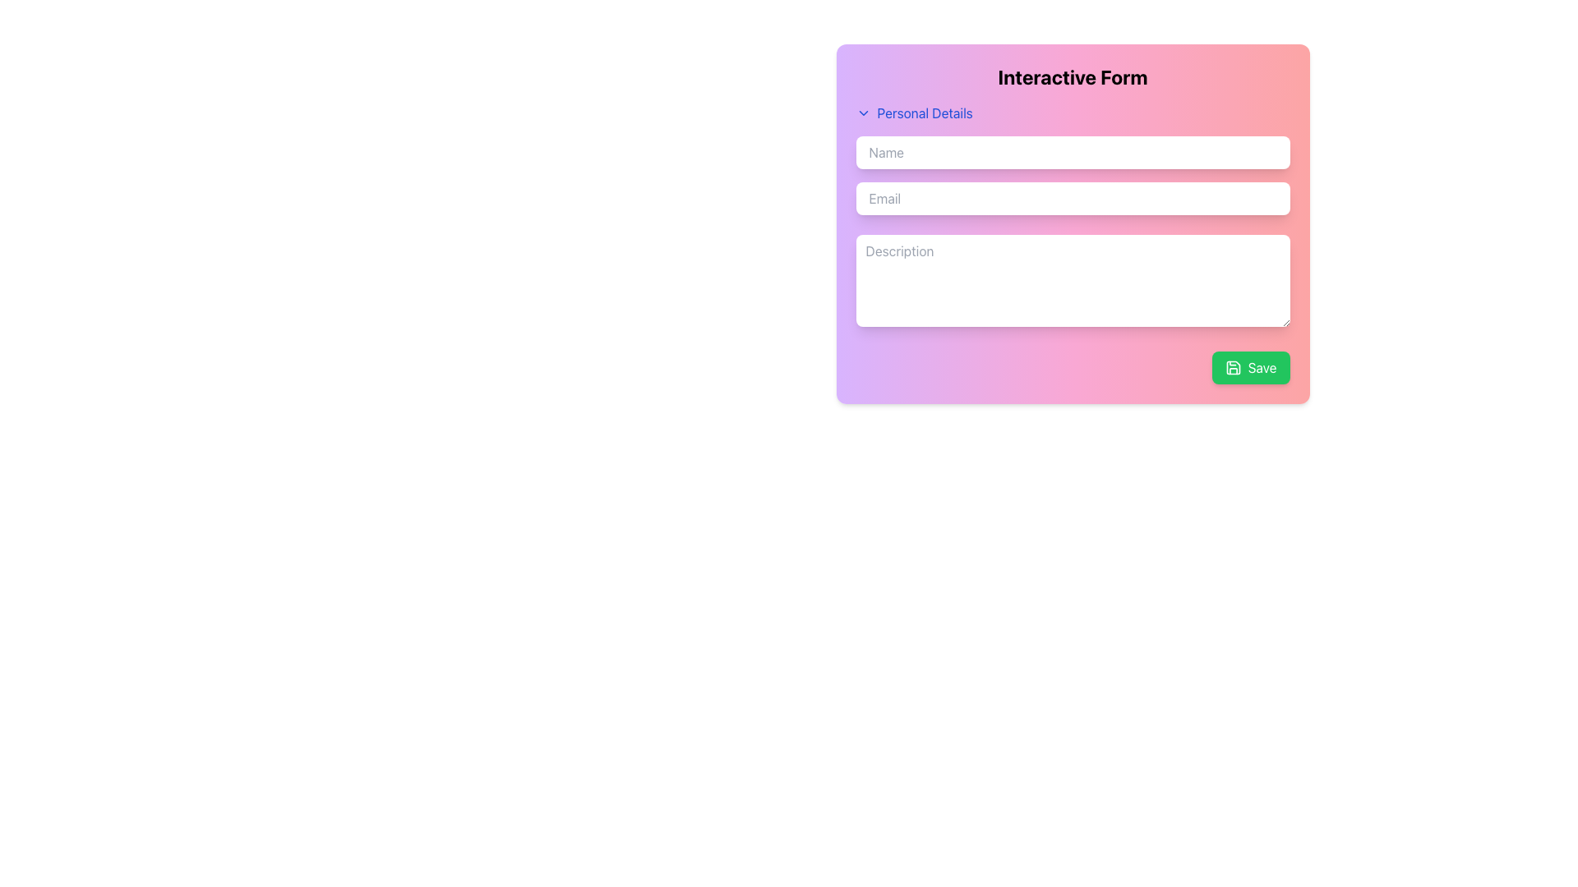 The image size is (1578, 887). I want to click on the downward-facing chevron icon located to the left of the 'Personal Details' label, so click(862, 113).